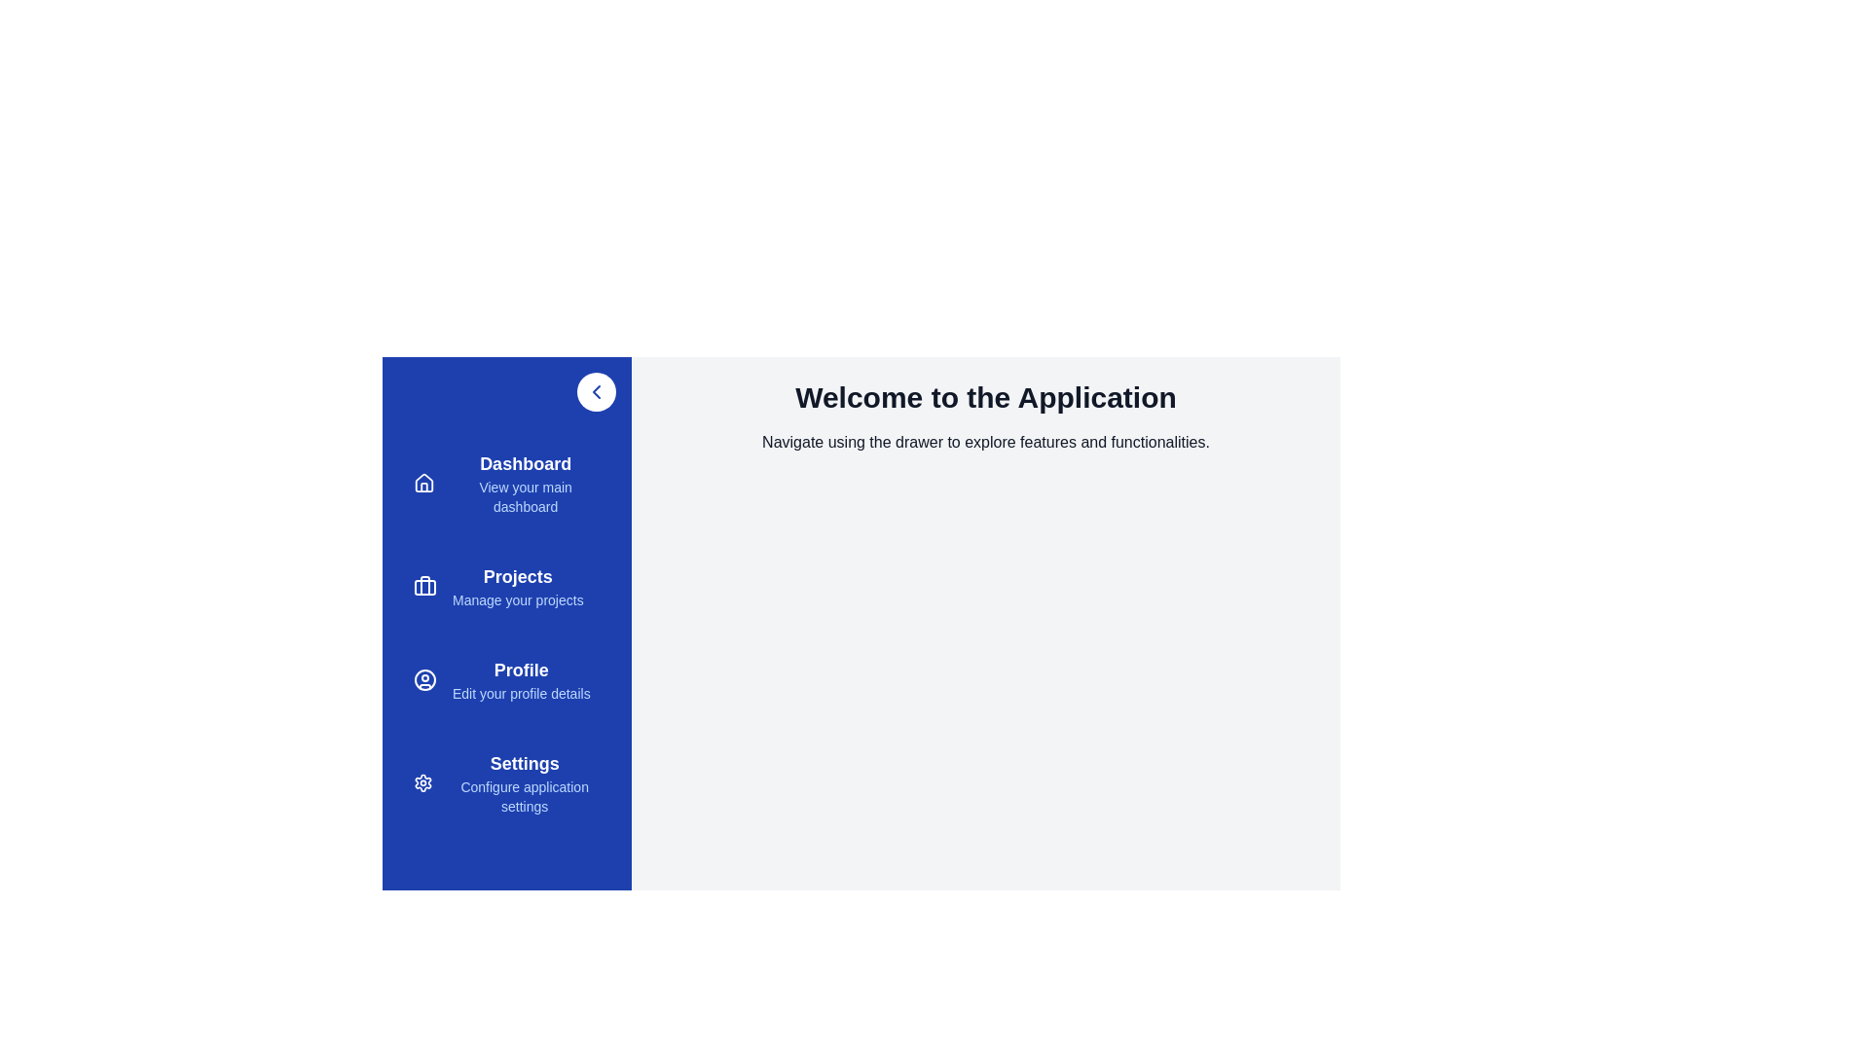 The width and height of the screenshot is (1869, 1051). What do you see at coordinates (507, 678) in the screenshot?
I see `the menu item Profile to view its hover effect` at bounding box center [507, 678].